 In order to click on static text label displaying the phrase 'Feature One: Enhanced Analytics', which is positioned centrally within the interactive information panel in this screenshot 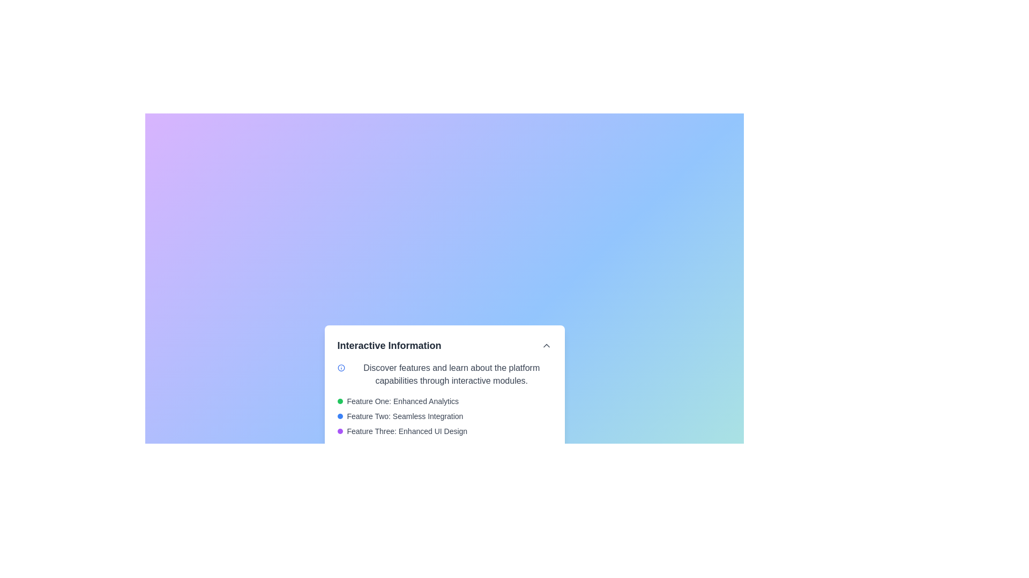, I will do `click(402, 401)`.